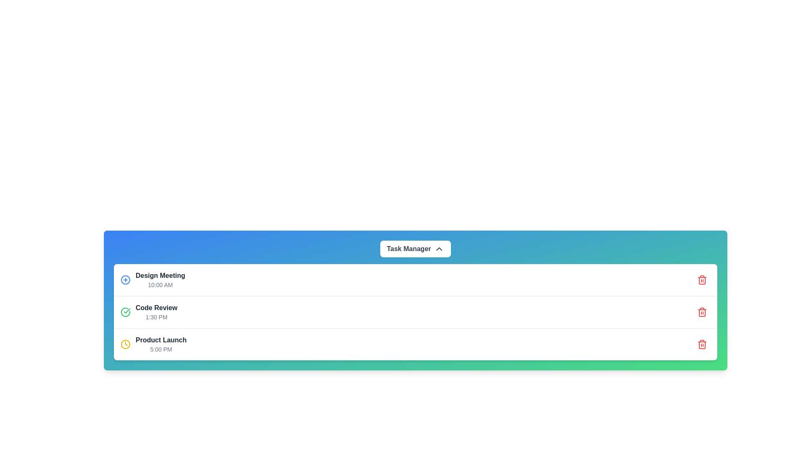  Describe the element at coordinates (125, 344) in the screenshot. I see `the circular graphic representing a clock icon located to the left of the 'Product Launch' label in the bottom row of the task list` at that location.